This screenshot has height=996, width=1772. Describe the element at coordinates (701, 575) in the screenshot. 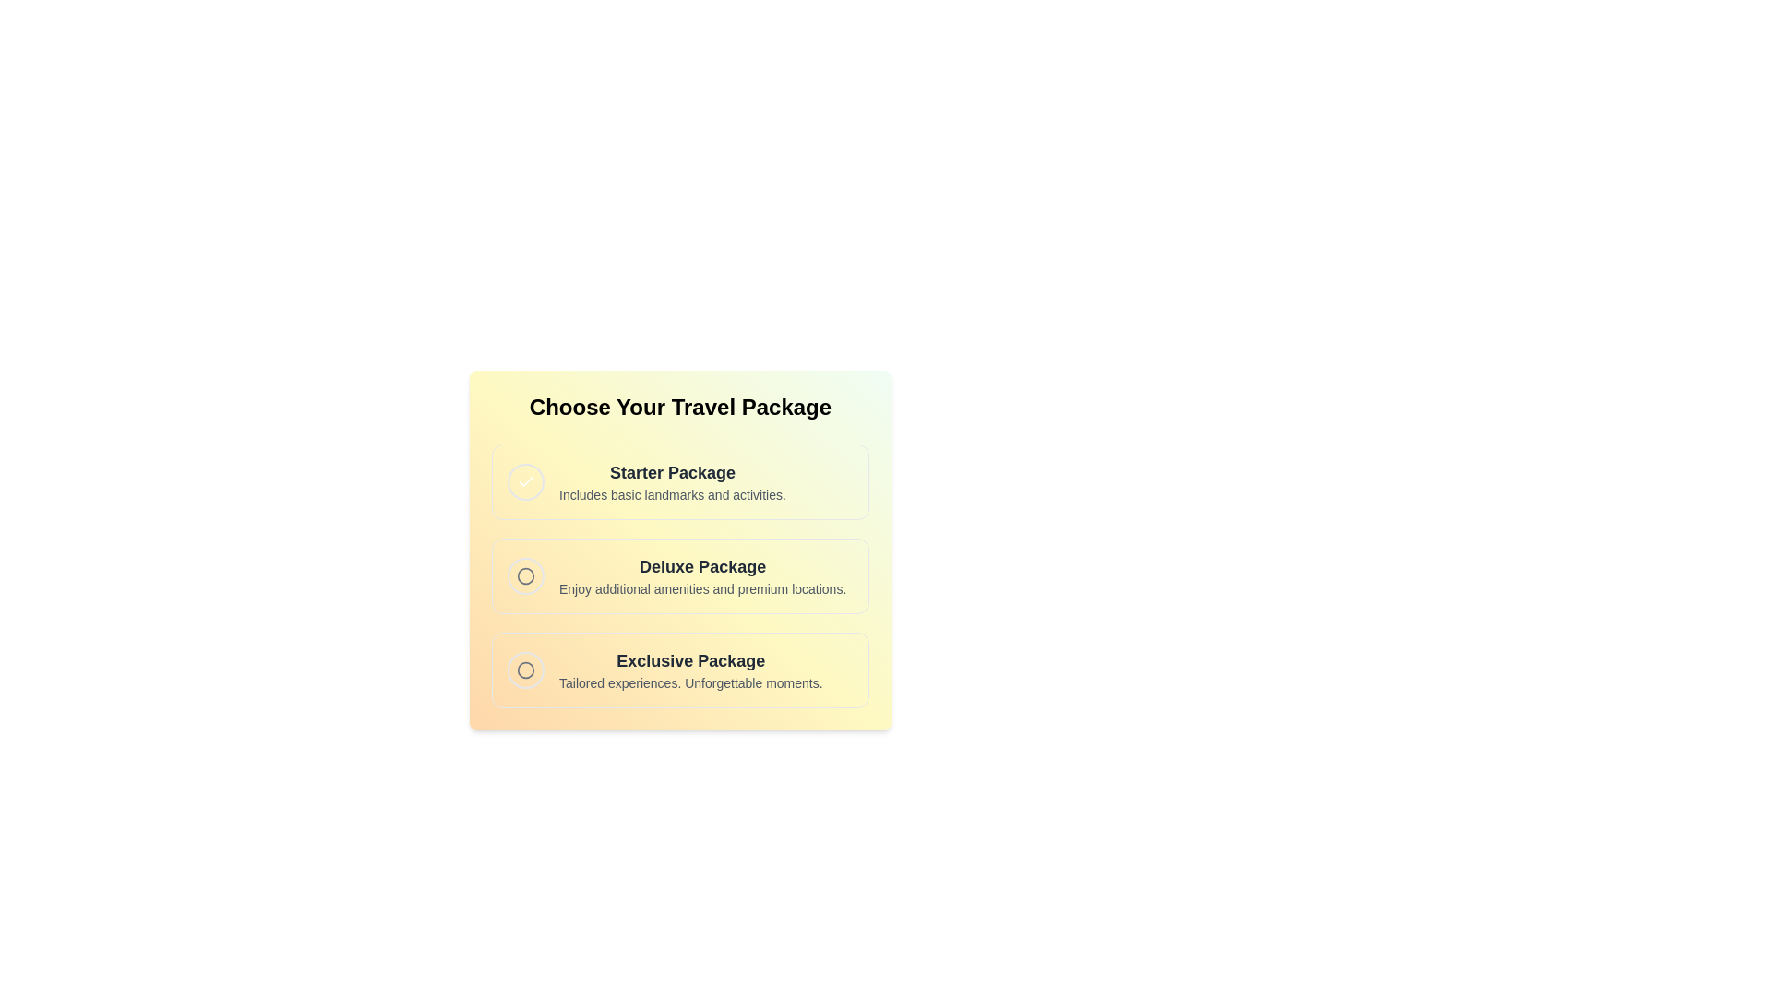

I see `the 'Deluxe Package' label, which is the second option in the travel package selection interface, positioned between 'Starter Package' and 'Exclusive Package'` at that location.